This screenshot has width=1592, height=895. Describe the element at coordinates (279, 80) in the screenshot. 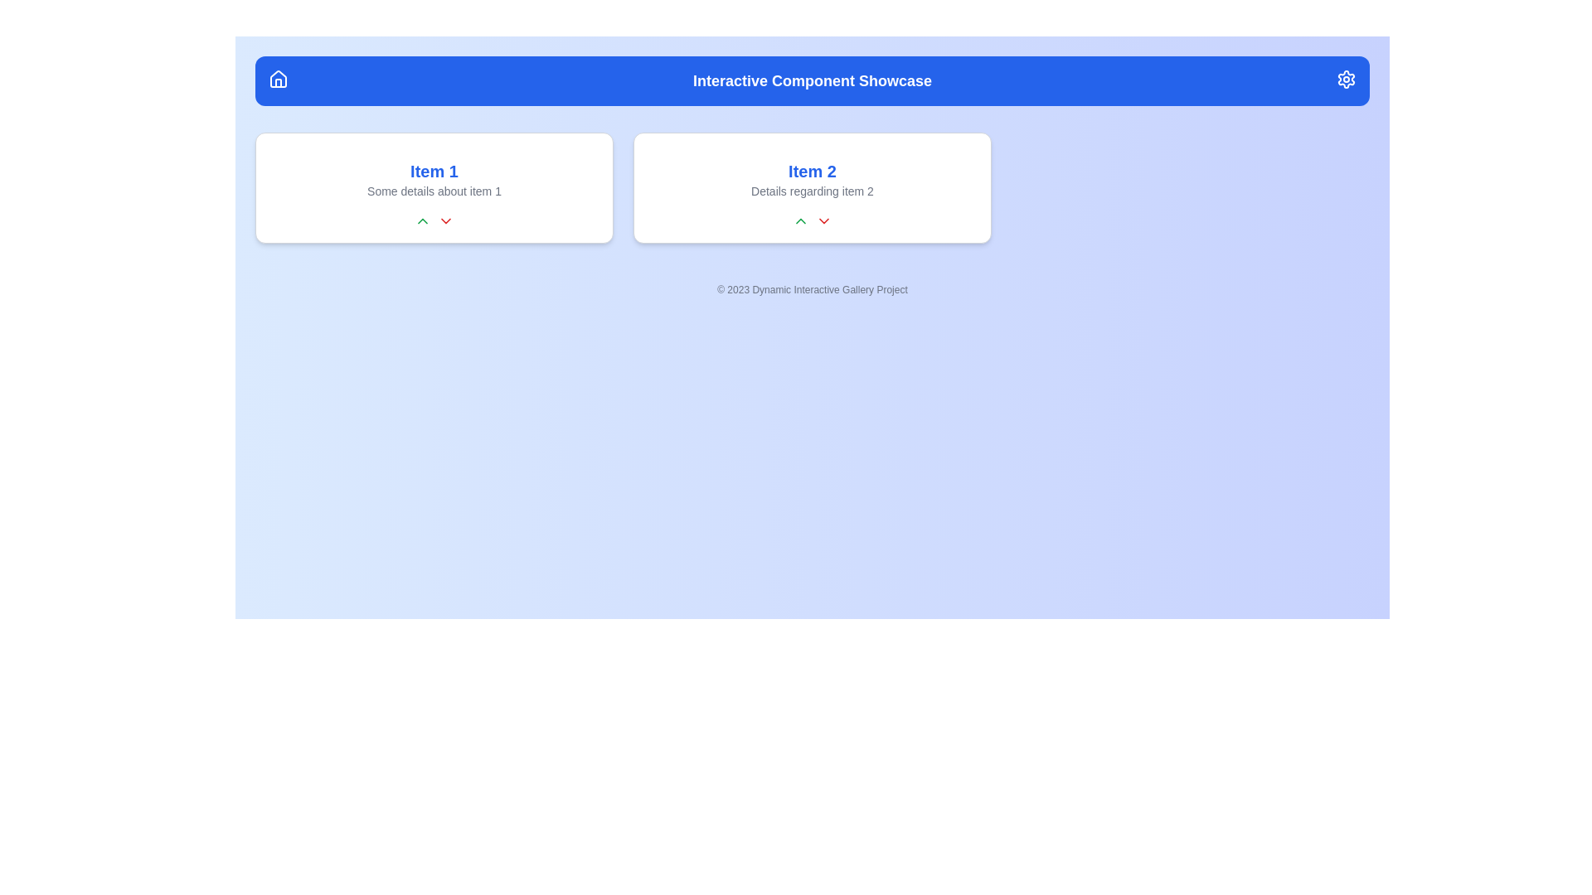

I see `the house icon outlined in blue located in the top-left section of the blue header` at that location.